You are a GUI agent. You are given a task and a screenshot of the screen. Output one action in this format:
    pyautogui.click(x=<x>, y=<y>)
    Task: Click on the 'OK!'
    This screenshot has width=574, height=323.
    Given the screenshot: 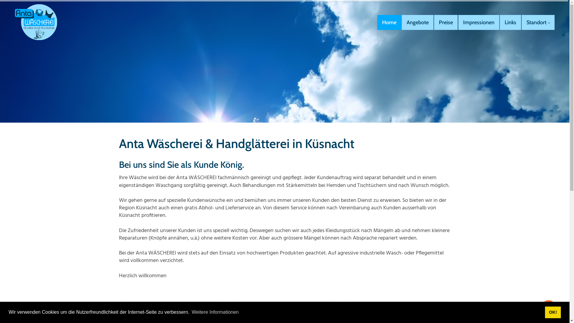 What is the action you would take?
    pyautogui.click(x=552, y=312)
    